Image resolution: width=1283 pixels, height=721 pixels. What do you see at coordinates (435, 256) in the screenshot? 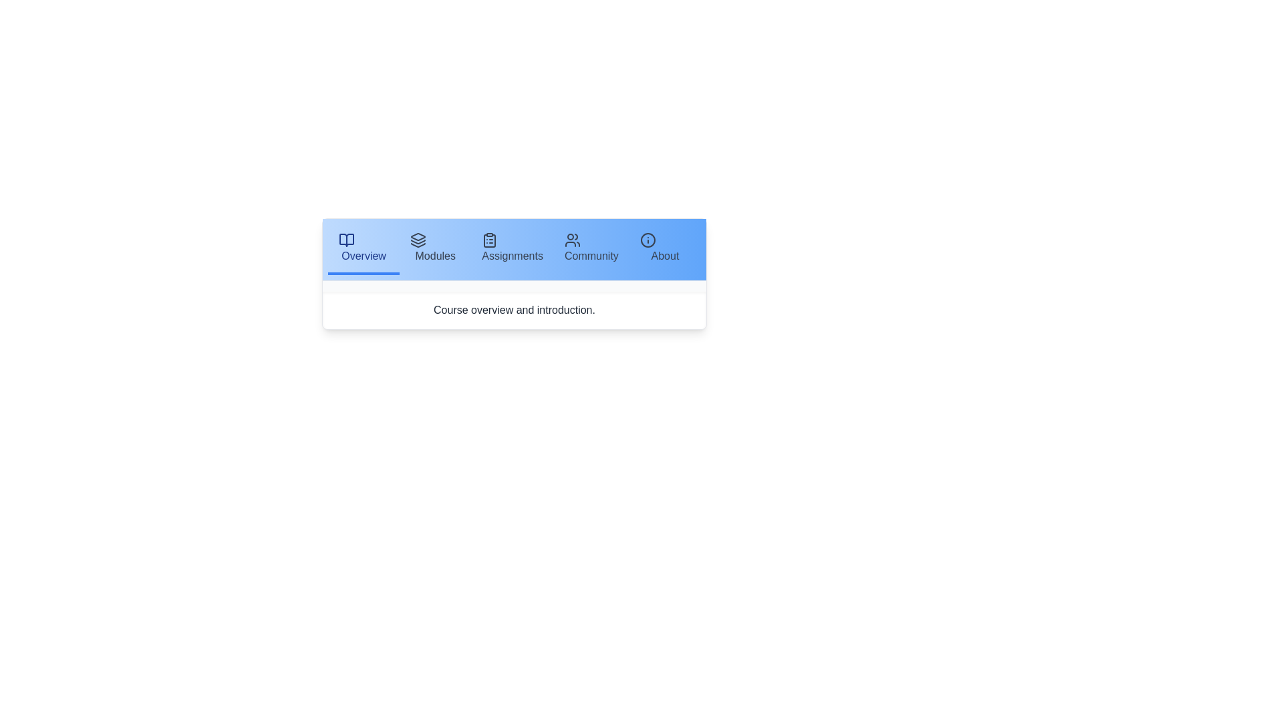
I see `the 'Modules' text label in the navigation bar` at bounding box center [435, 256].